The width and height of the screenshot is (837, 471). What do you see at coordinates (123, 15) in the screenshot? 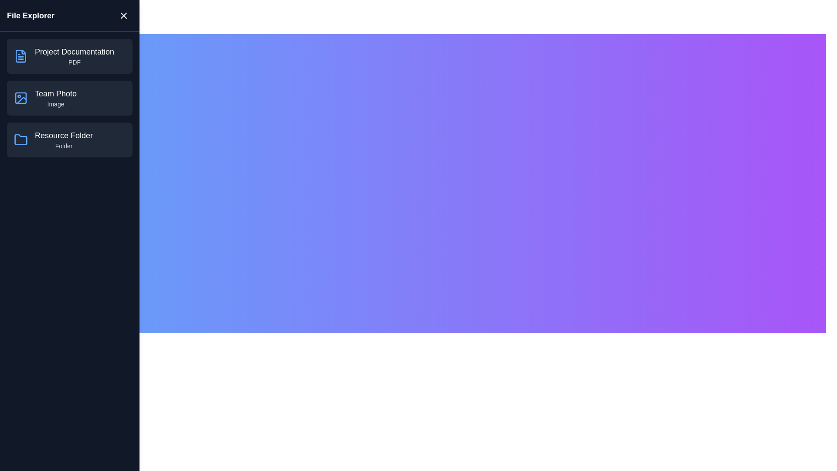
I see `the close button of the file explorer drawer` at bounding box center [123, 15].